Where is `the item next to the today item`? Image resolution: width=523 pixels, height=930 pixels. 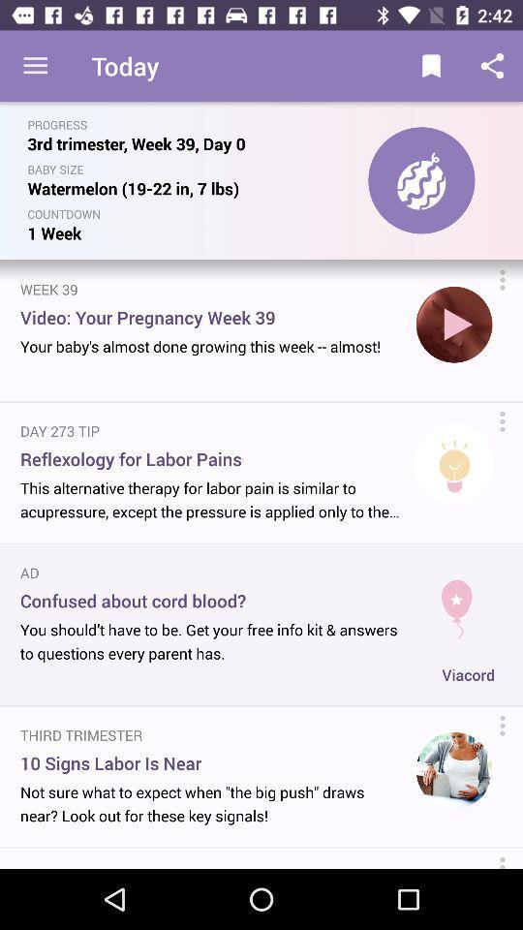 the item next to the today item is located at coordinates (35, 66).